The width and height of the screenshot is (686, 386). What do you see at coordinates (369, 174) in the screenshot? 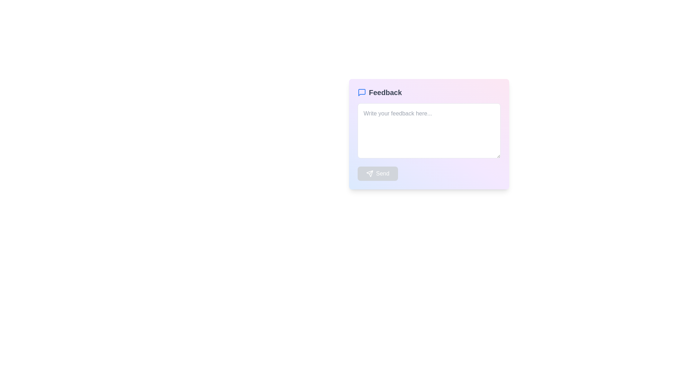
I see `the 'Send' button located at the bottom-right corner of the feedback form, which triggers the feedback sending action represented by the icon` at bounding box center [369, 174].